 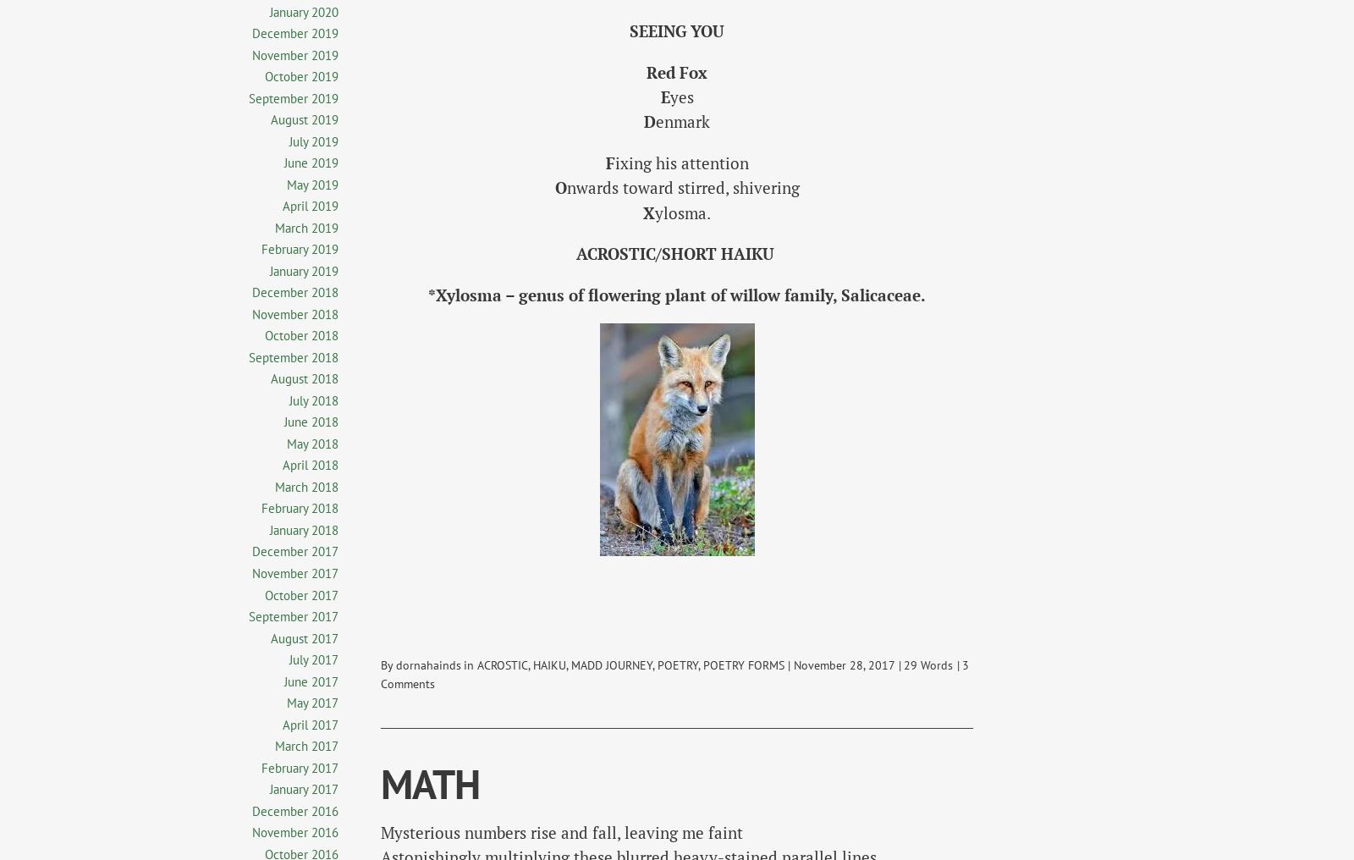 What do you see at coordinates (270, 270) in the screenshot?
I see `'January 2019'` at bounding box center [270, 270].